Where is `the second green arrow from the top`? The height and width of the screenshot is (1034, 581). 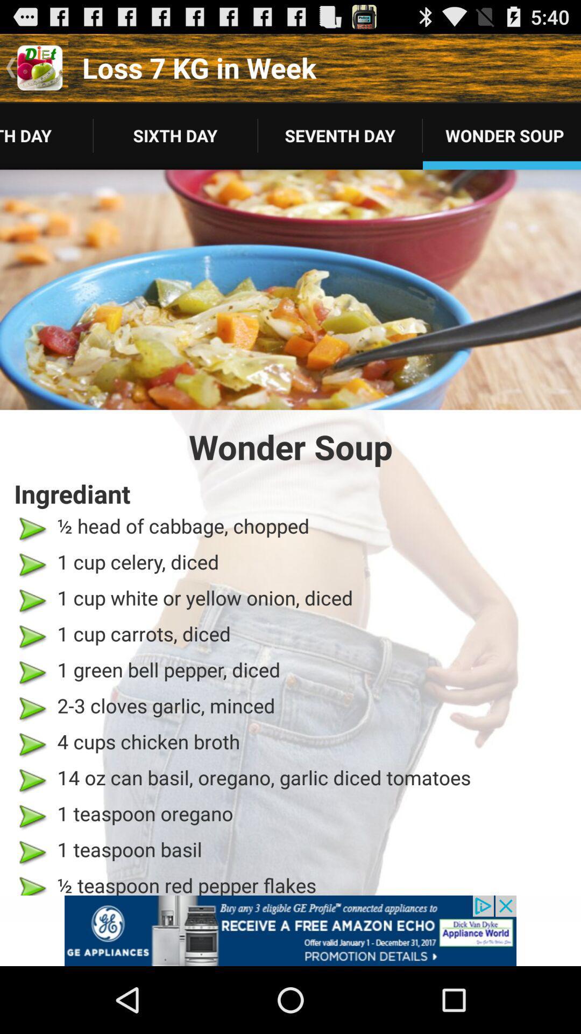 the second green arrow from the top is located at coordinates (31, 564).